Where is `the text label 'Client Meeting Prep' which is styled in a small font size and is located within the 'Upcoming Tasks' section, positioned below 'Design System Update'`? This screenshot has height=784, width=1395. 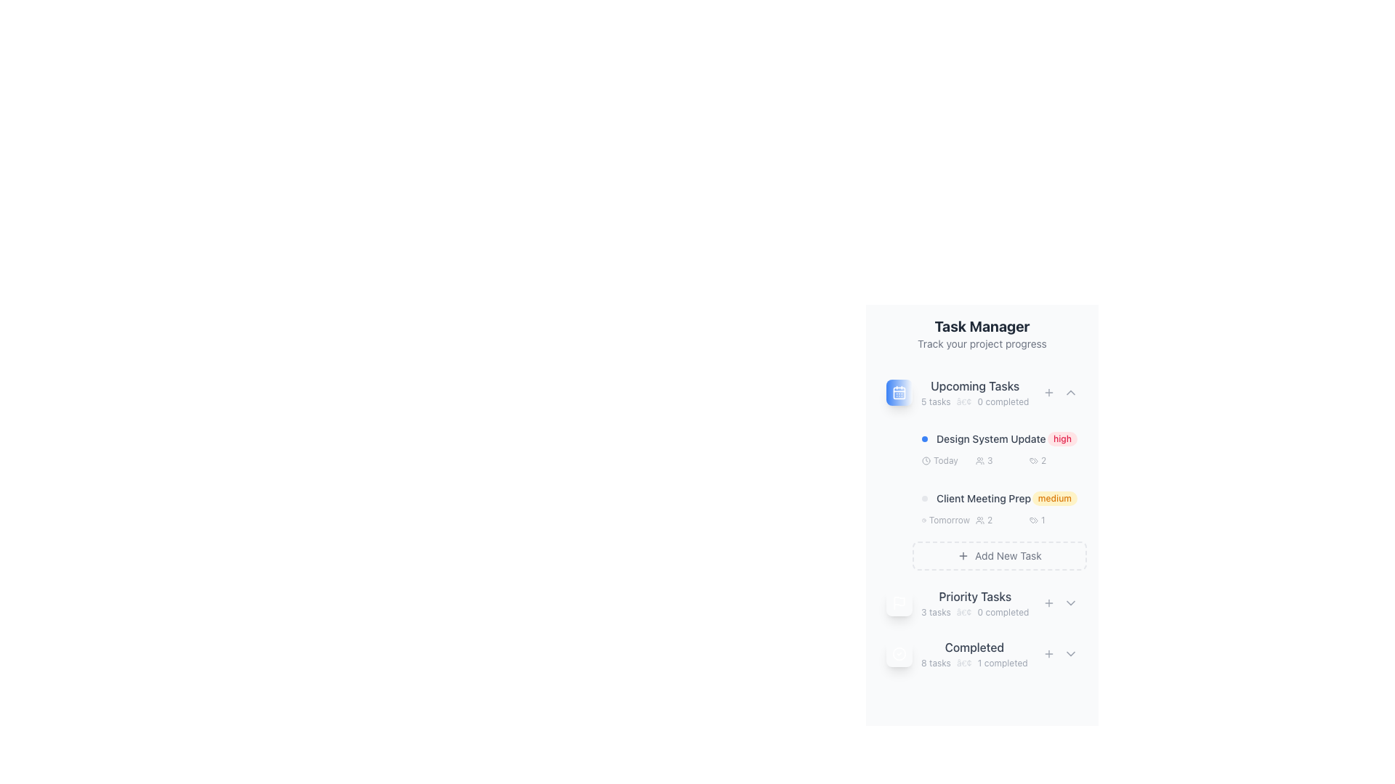
the text label 'Client Meeting Prep' which is styled in a small font size and is located within the 'Upcoming Tasks' section, positioned below 'Design System Update' is located at coordinates (983, 497).